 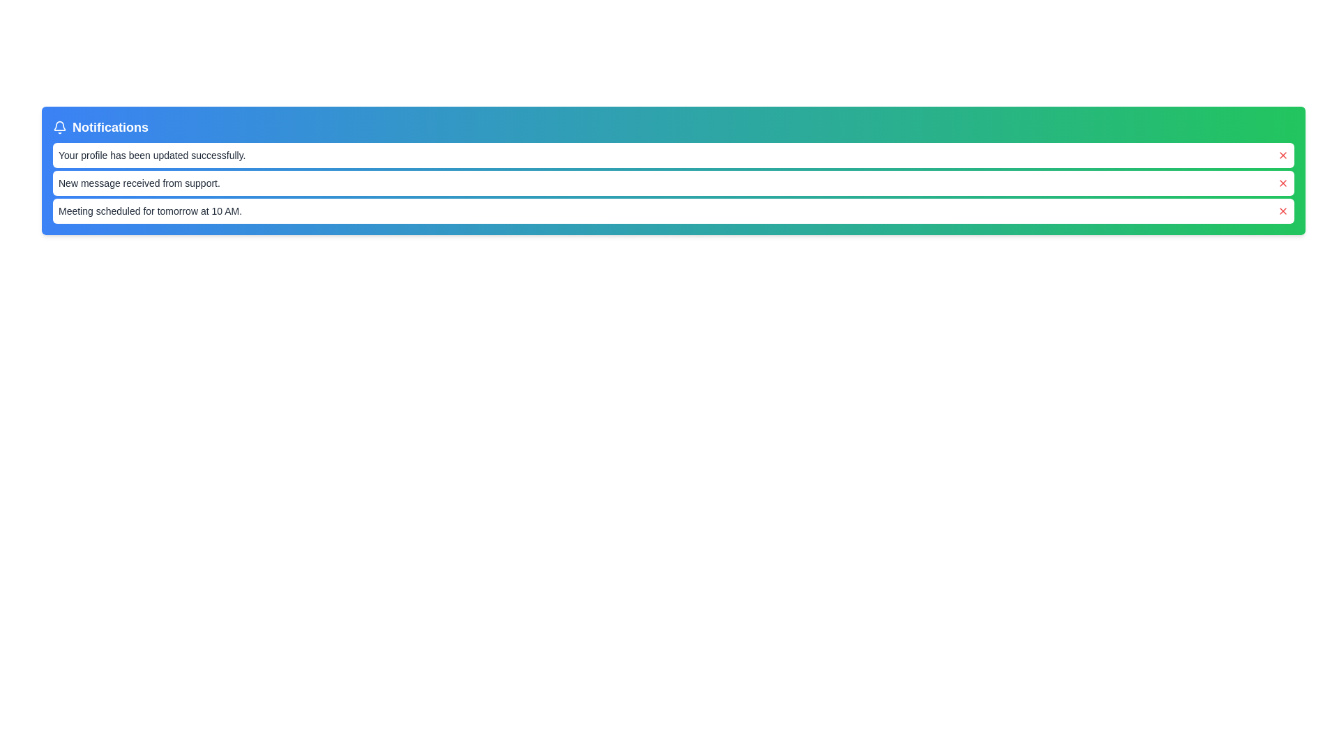 What do you see at coordinates (139, 182) in the screenshot?
I see `the second notification text label in the notifications panel that displays a message about a new message received from support` at bounding box center [139, 182].